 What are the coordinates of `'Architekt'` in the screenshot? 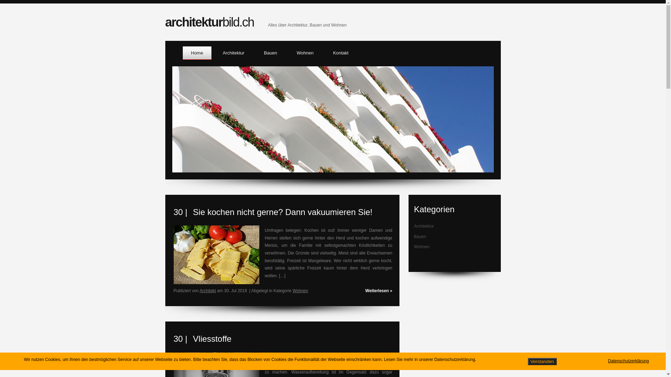 It's located at (207, 291).